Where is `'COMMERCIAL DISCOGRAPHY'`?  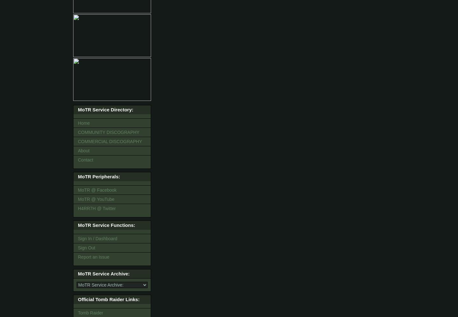 'COMMERCIAL DISCOGRAPHY' is located at coordinates (110, 141).